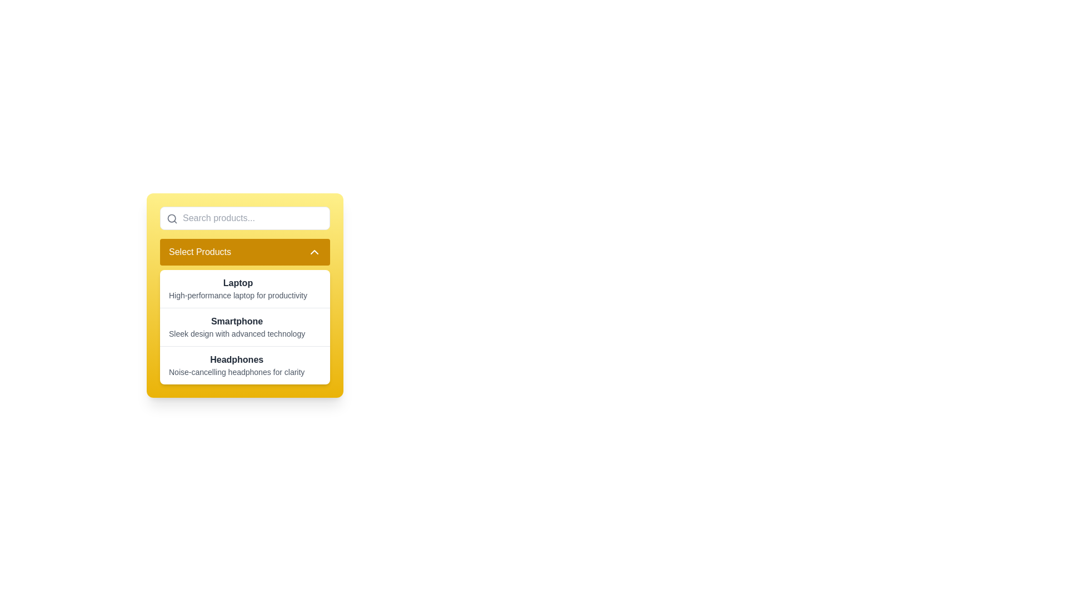 The width and height of the screenshot is (1067, 600). I want to click on the text element that describes 'High-performance laptop for productivity', located below the title 'Laptop' in the second row of the 'Select Products' dropdown, so click(237, 295).